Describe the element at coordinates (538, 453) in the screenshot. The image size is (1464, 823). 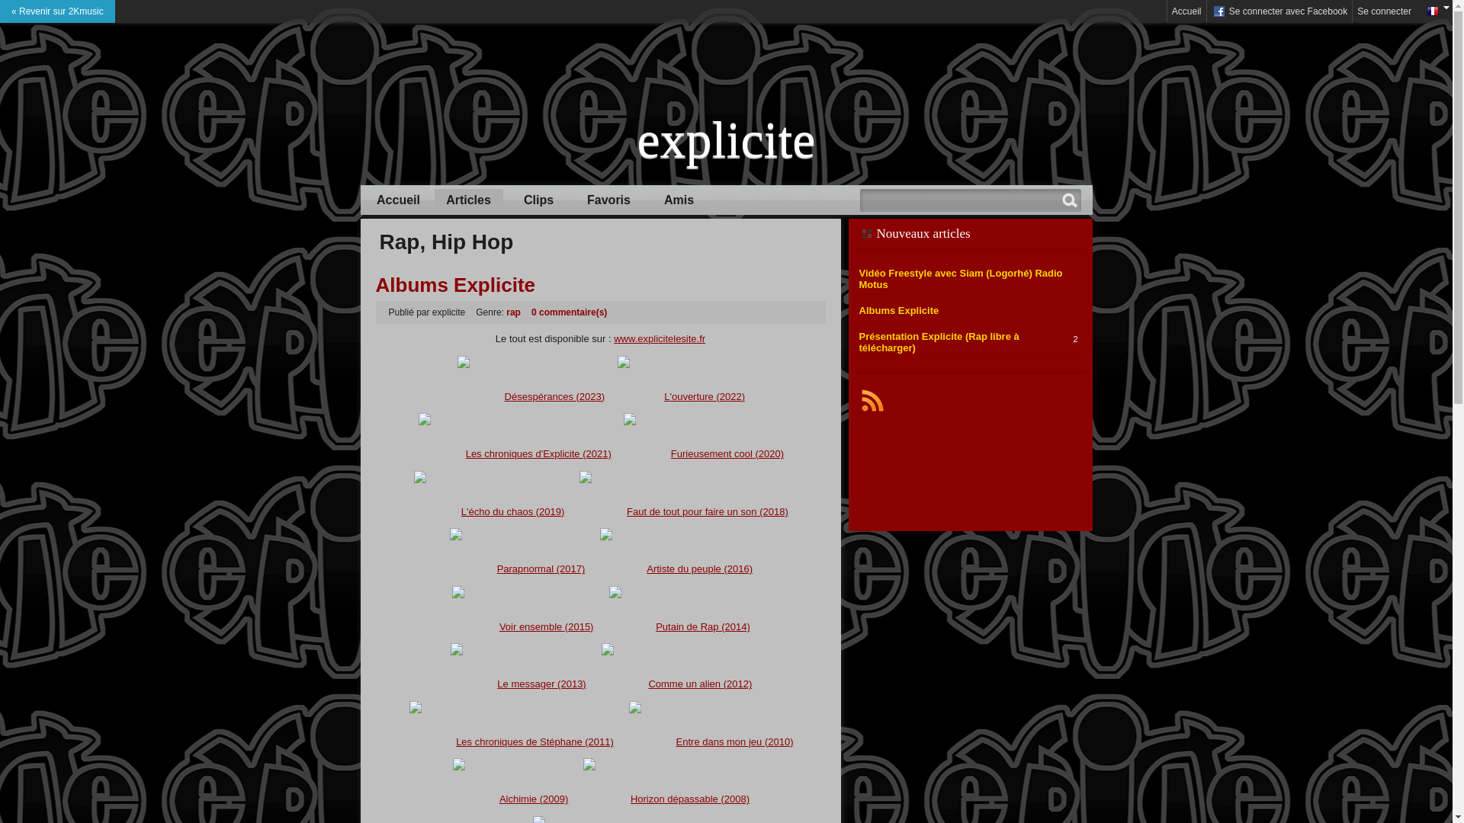
I see `'Les chroniques d'Explicite (2021)'` at that location.